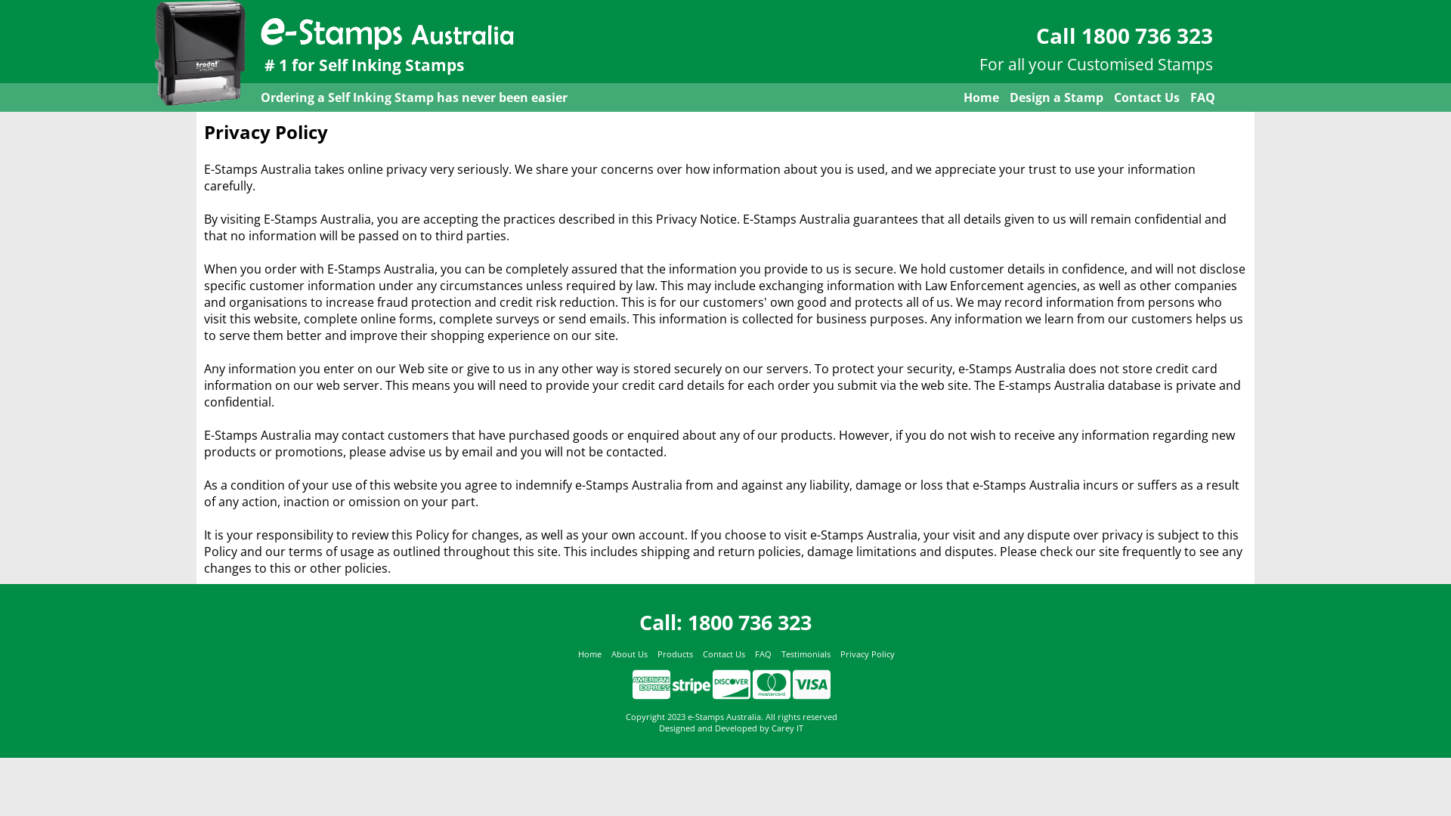  Describe the element at coordinates (1125, 34) in the screenshot. I see `'Call 1800 736 323'` at that location.